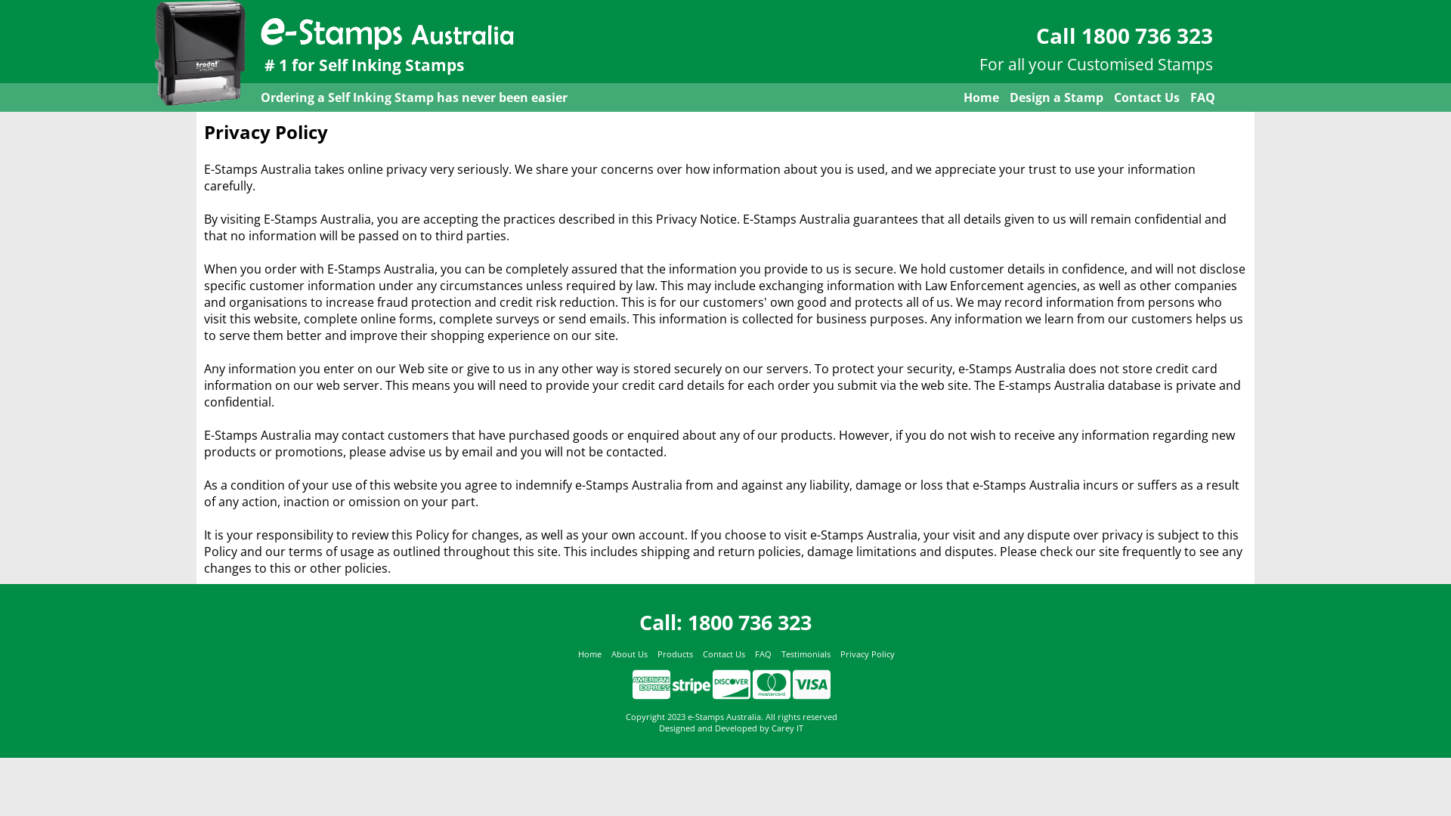  Describe the element at coordinates (1125, 34) in the screenshot. I see `'Call 1800 736 323'` at that location.